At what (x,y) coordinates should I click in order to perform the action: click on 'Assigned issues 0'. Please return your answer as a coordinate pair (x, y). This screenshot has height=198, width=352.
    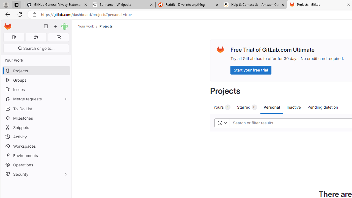
    Looking at the image, I should click on (14, 37).